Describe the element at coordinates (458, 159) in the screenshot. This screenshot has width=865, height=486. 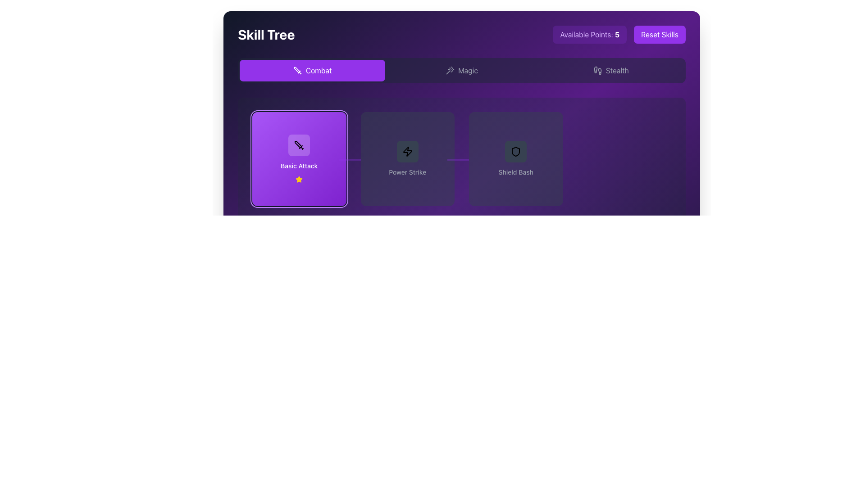
I see `the Connector line, which is a thin horizontal bar with a purple background, positioned symmetrically between the 'Power Strike' and 'Shield Bash' buttons in the skill tree layout` at that location.